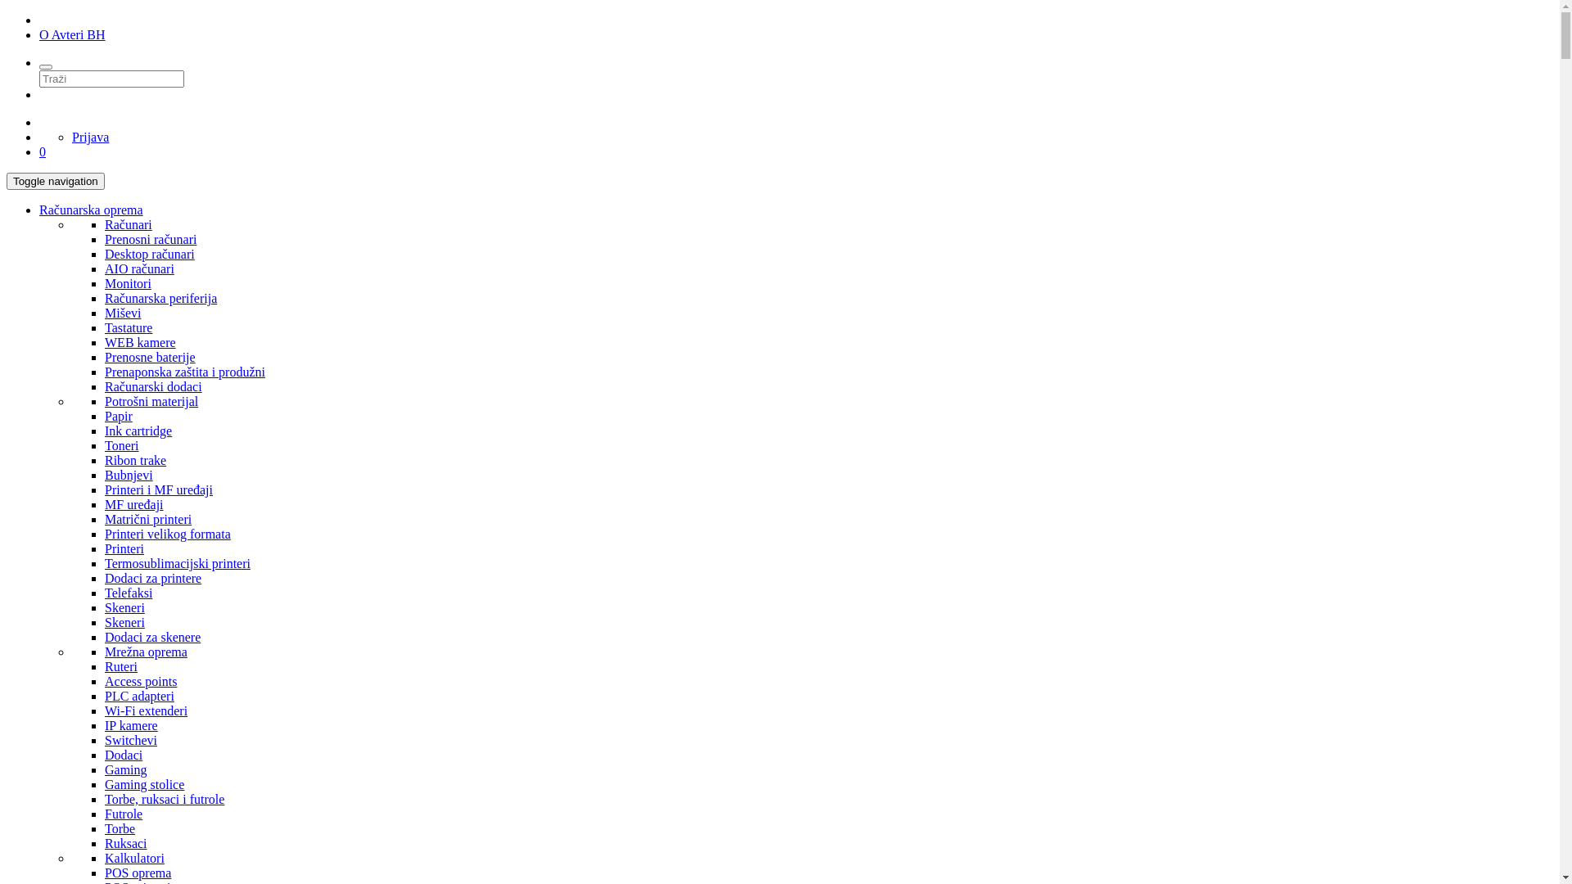 This screenshot has width=1572, height=884. What do you see at coordinates (117, 415) in the screenshot?
I see `'Papir'` at bounding box center [117, 415].